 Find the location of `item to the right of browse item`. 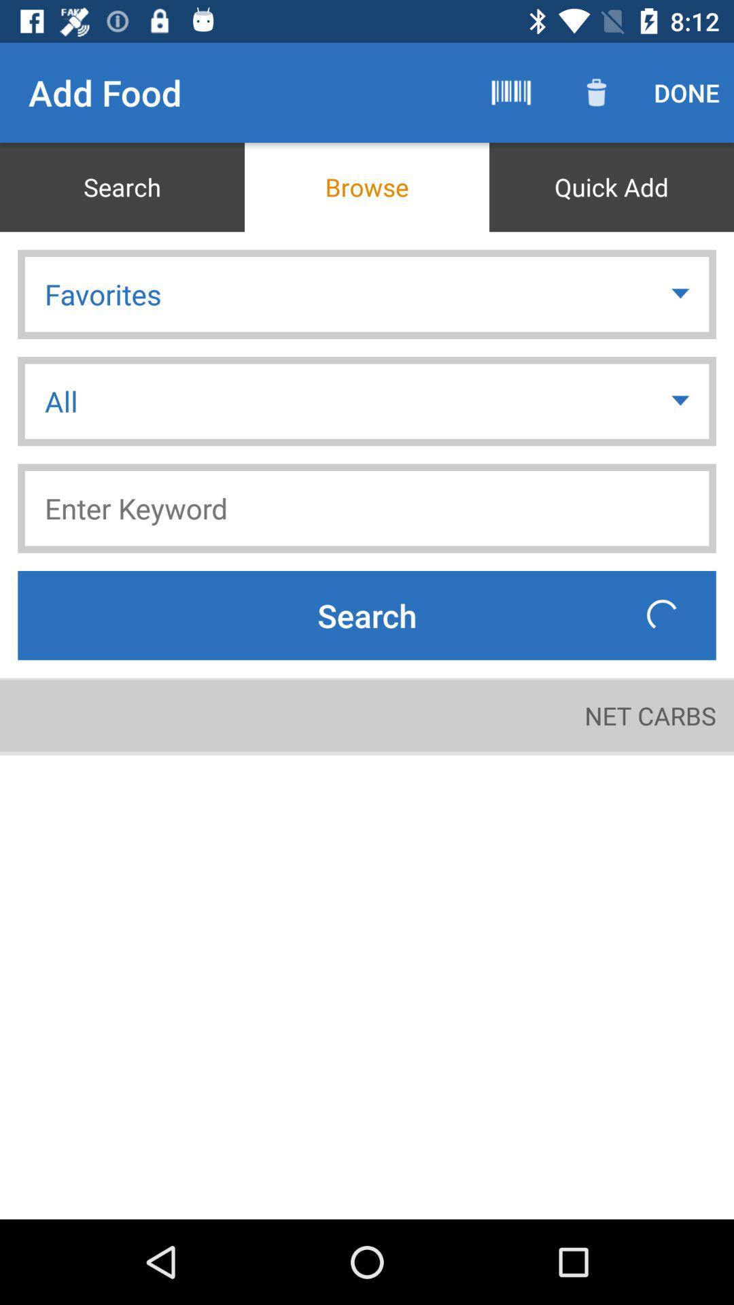

item to the right of browse item is located at coordinates (610, 186).